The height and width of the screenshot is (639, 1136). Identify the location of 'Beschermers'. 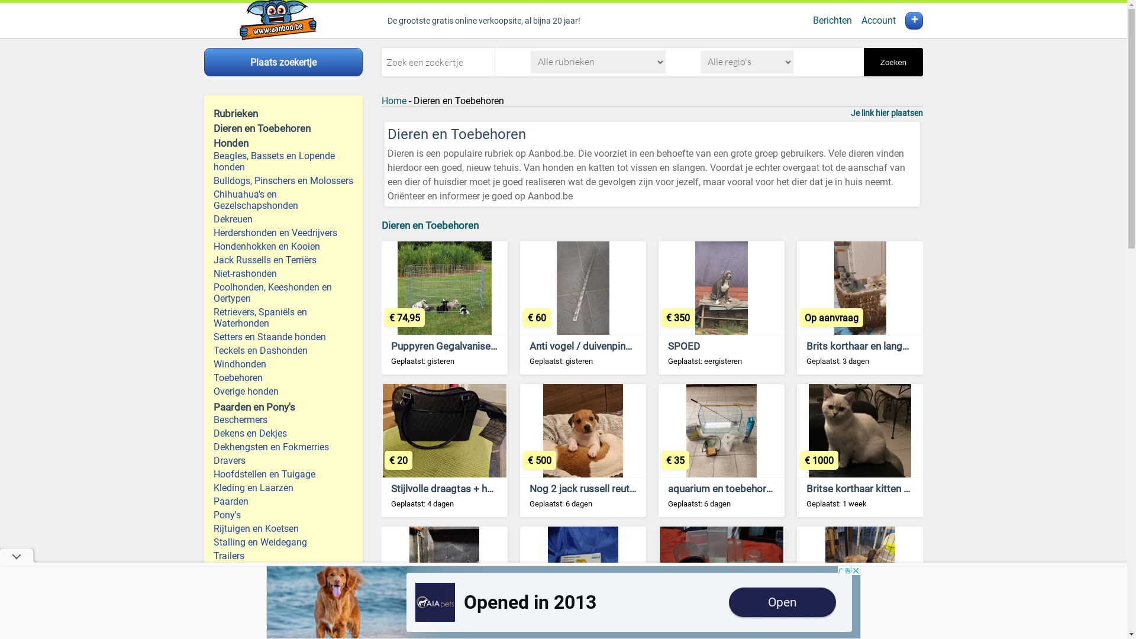
(213, 419).